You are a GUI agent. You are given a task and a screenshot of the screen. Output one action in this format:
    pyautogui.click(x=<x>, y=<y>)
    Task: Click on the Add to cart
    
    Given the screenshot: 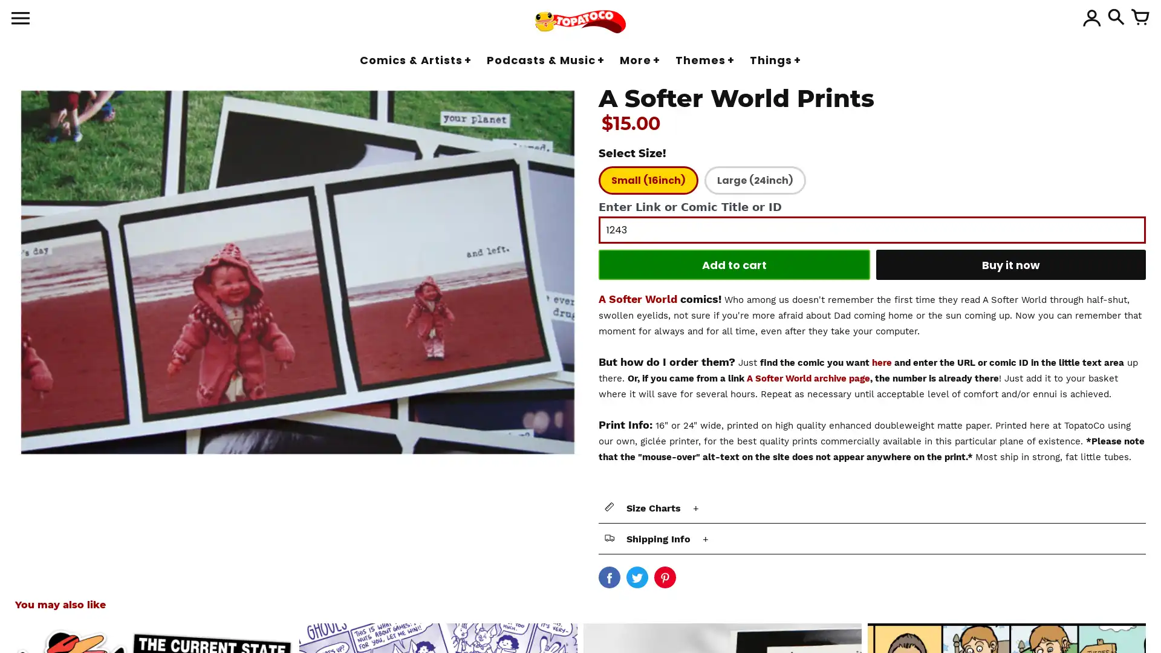 What is the action you would take?
    pyautogui.click(x=733, y=264)
    